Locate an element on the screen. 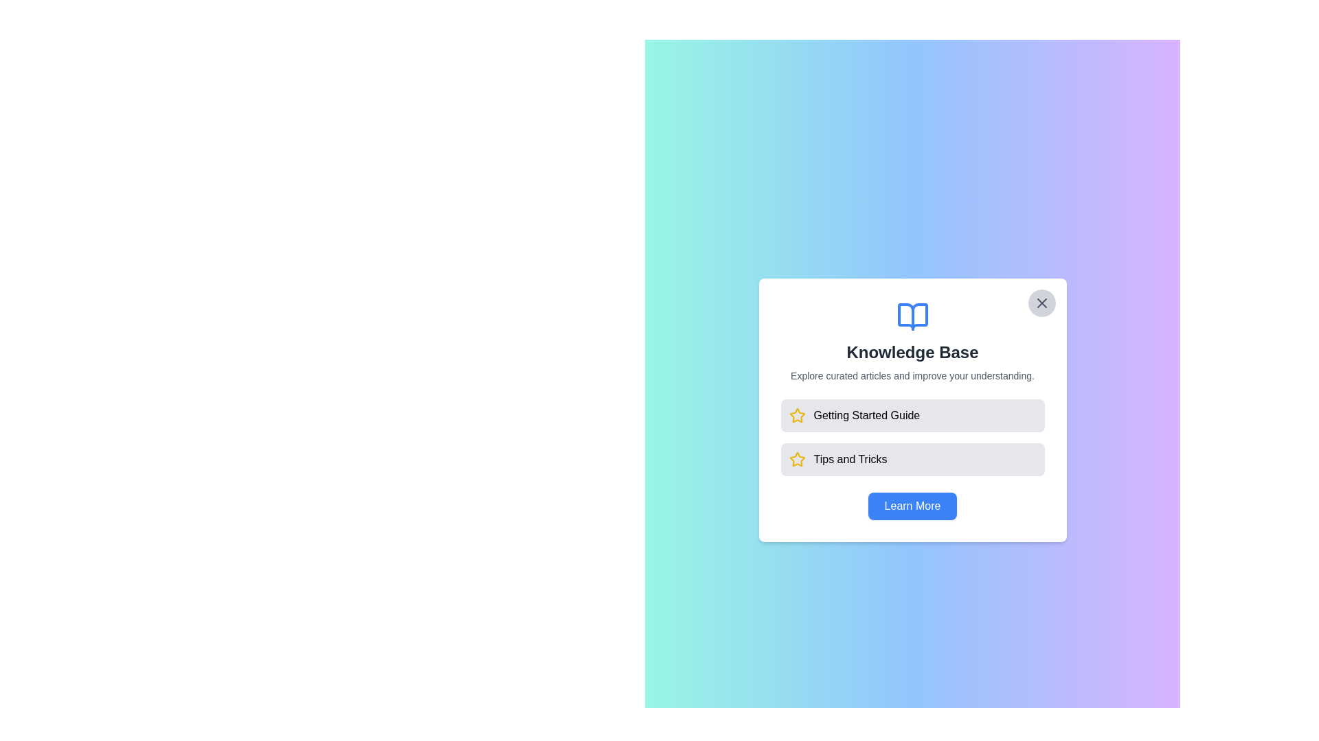  the clickable panel titled 'Getting Started Guide' which has a light gray background, a yellow outlined star icon to the left, and bold black text aligned to the right is located at coordinates (912, 414).